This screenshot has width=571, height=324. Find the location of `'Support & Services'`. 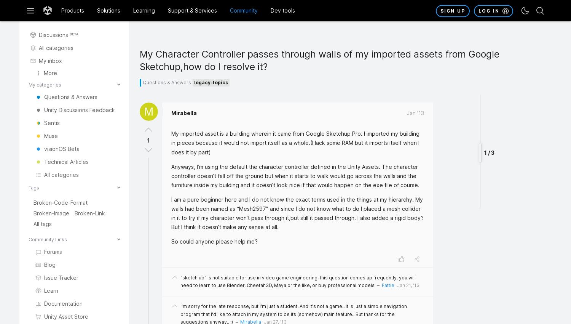

'Support & Services' is located at coordinates (192, 10).